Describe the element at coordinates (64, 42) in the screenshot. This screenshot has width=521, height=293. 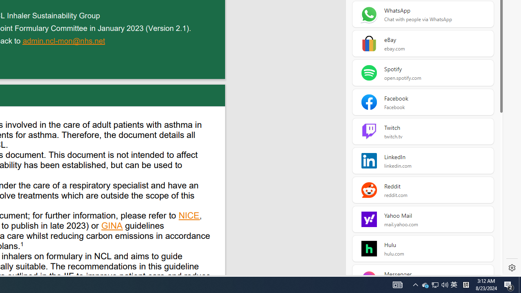
I see `'admin.ncl-mon@nhs.net'` at that location.